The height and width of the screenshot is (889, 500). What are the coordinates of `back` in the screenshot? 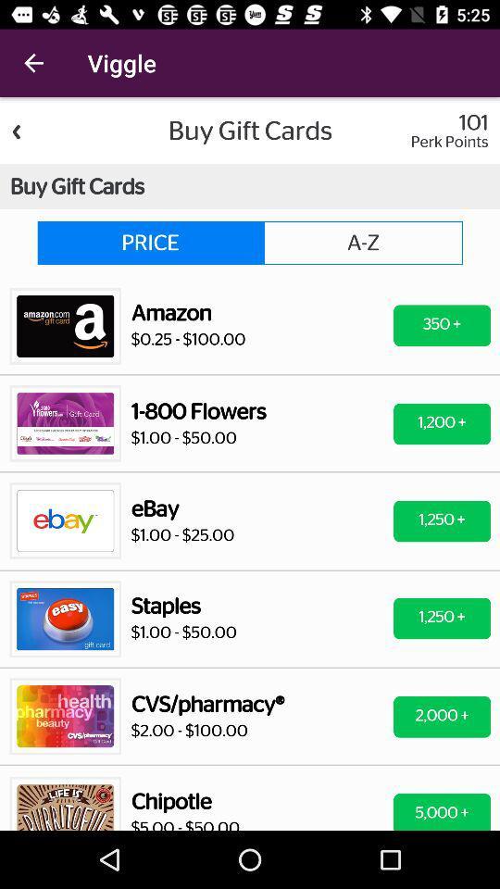 It's located at (250, 463).